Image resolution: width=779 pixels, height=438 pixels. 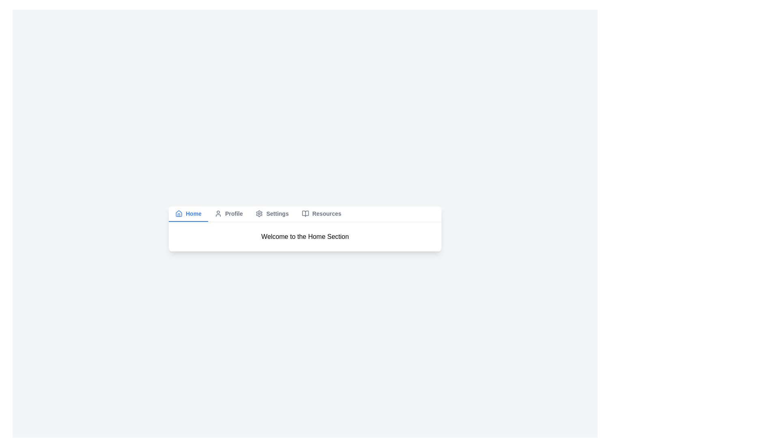 What do you see at coordinates (218, 213) in the screenshot?
I see `the human silhouette icon located next to the 'Profile' text in the horizontal navigation bar` at bounding box center [218, 213].